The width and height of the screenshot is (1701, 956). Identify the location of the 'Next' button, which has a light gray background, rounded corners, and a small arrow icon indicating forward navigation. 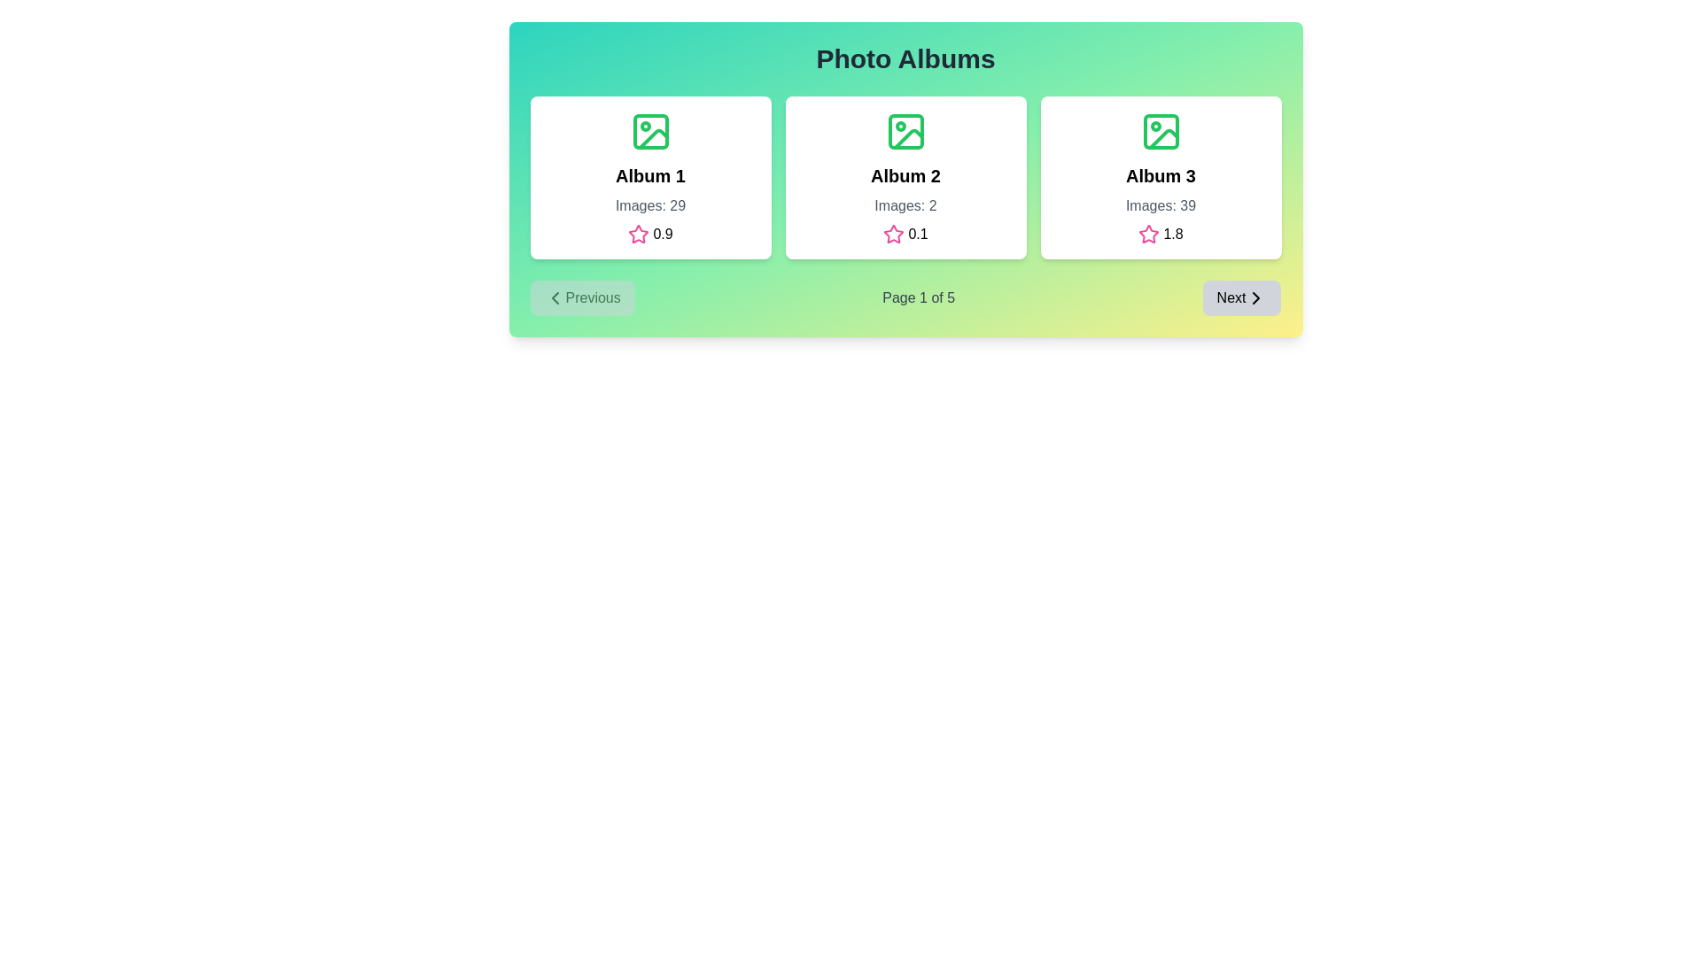
(1240, 297).